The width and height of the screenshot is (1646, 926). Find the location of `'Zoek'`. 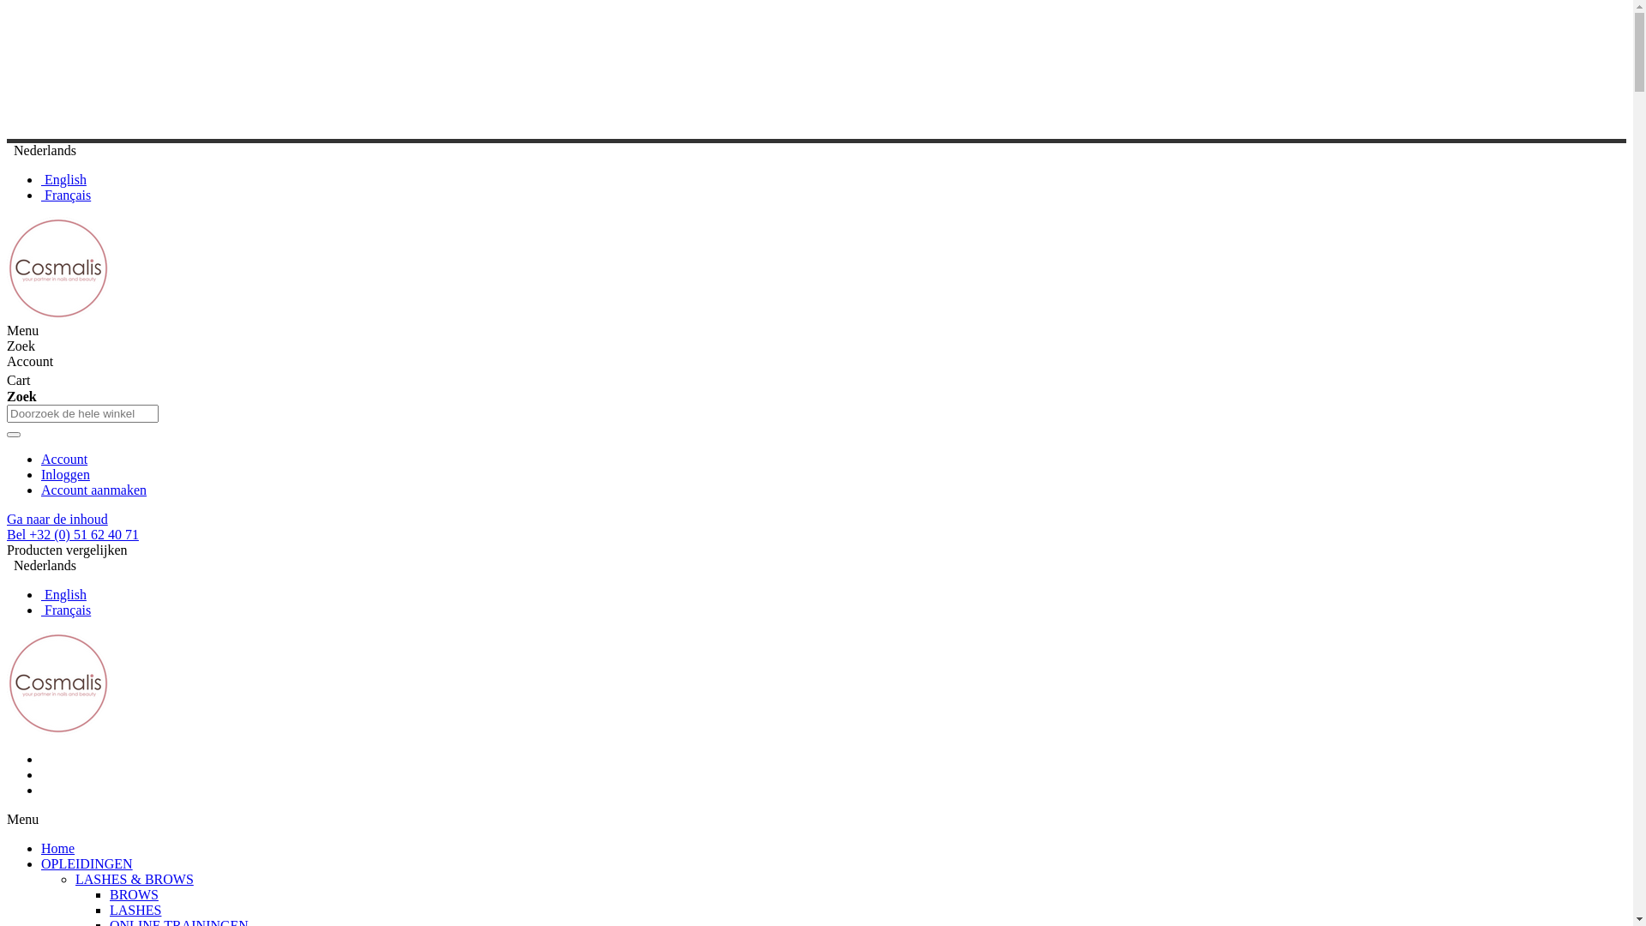

'Zoek' is located at coordinates (7, 433).